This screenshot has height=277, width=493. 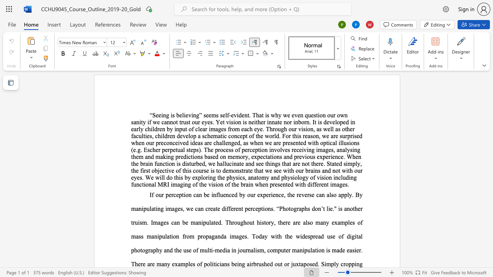 I want to click on the 3th character "d" in the text, so click(x=313, y=209).